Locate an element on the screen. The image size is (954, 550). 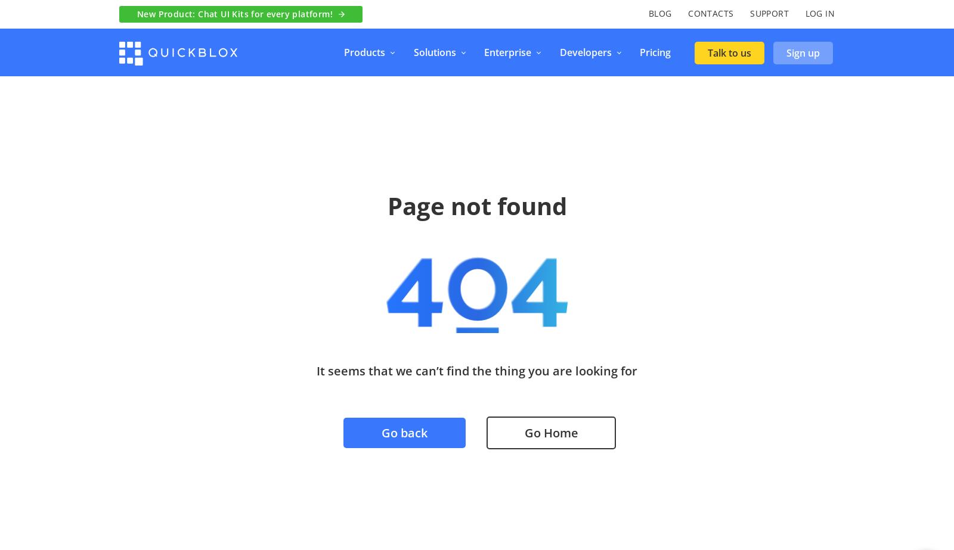
'QuickBlox AI' is located at coordinates (421, 138).